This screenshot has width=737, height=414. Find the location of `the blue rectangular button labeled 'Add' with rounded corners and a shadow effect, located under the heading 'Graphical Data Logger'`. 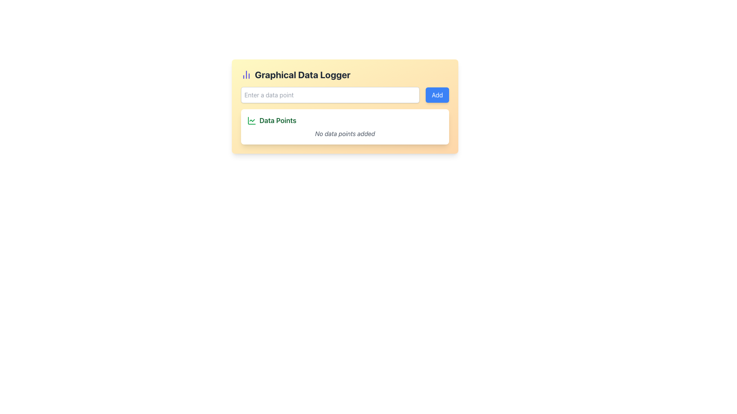

the blue rectangular button labeled 'Add' with rounded corners and a shadow effect, located under the heading 'Graphical Data Logger' is located at coordinates (437, 94).